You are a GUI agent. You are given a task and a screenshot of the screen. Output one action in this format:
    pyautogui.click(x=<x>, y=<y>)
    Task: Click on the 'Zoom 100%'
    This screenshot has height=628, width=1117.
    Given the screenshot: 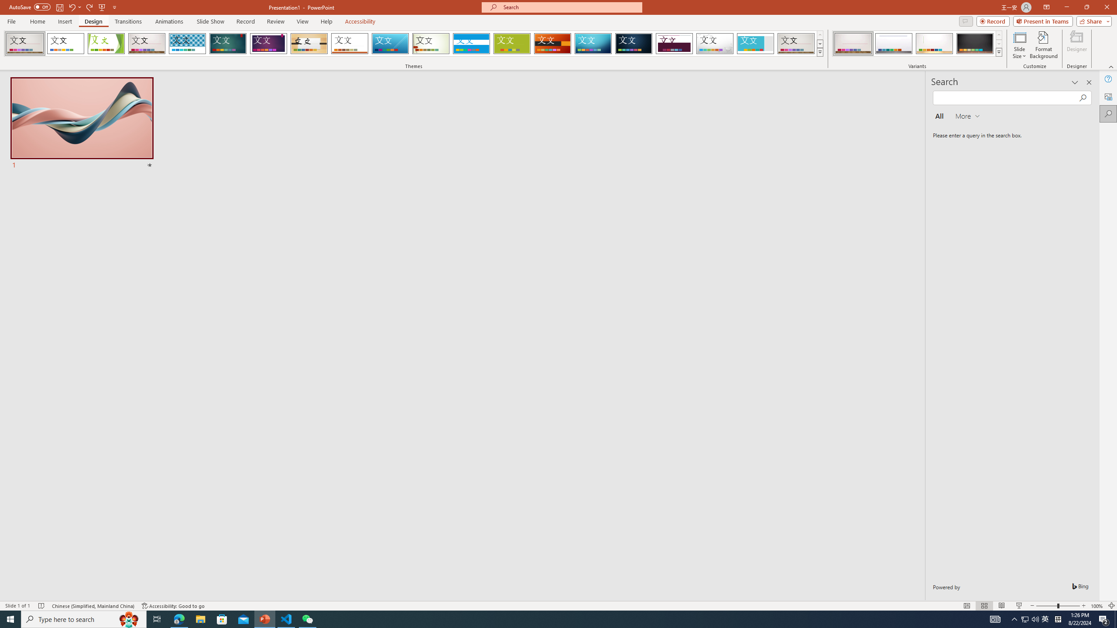 What is the action you would take?
    pyautogui.click(x=1097, y=606)
    